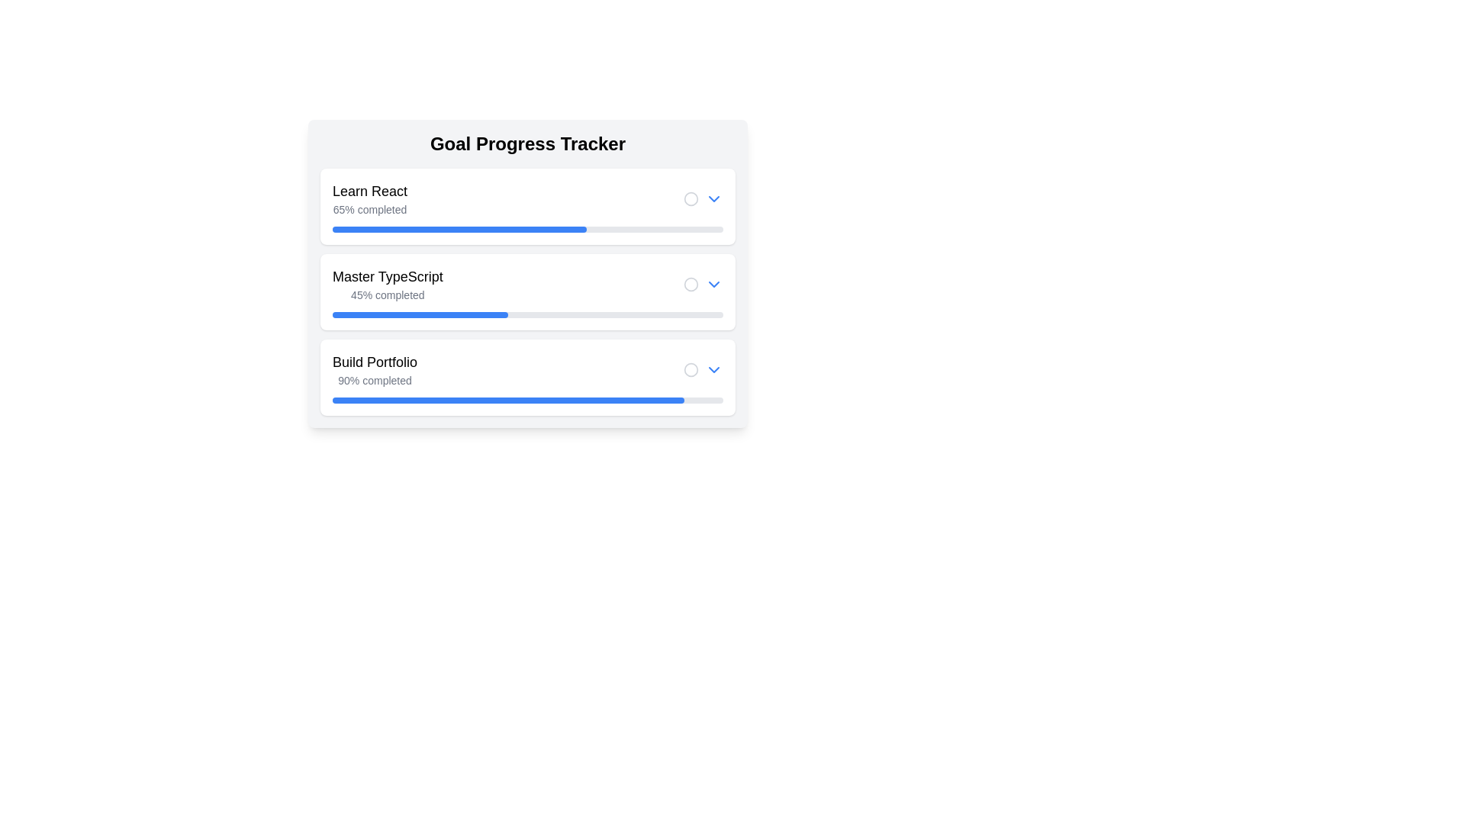 Image resolution: width=1465 pixels, height=824 pixels. Describe the element at coordinates (691, 198) in the screenshot. I see `the circular icon in the 'Goal Progress Tracker' interface, located at the right end of the first row adjacent to the text 'Learn React'` at that location.